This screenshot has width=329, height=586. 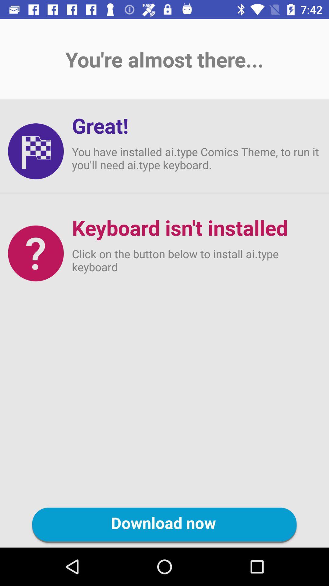 What do you see at coordinates (164, 525) in the screenshot?
I see `the download now icon` at bounding box center [164, 525].